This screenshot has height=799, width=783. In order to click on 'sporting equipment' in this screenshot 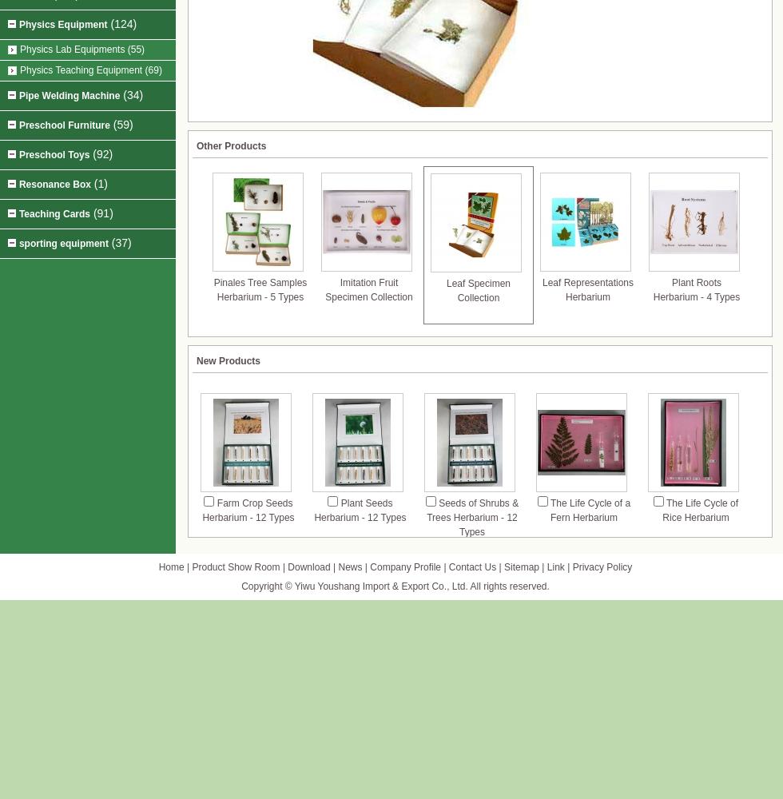, I will do `click(62, 244)`.